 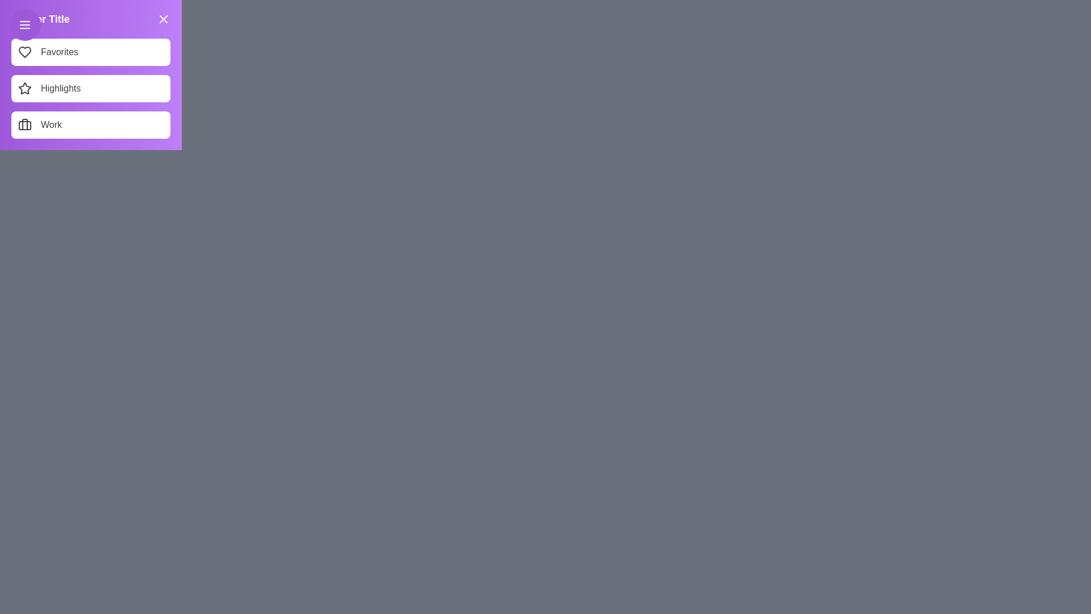 What do you see at coordinates (24, 88) in the screenshot?
I see `the SVG star icon with a black outline located to the left of the text label 'Highlights', which is the first visual component of the second entry in a vertical list of options` at bounding box center [24, 88].